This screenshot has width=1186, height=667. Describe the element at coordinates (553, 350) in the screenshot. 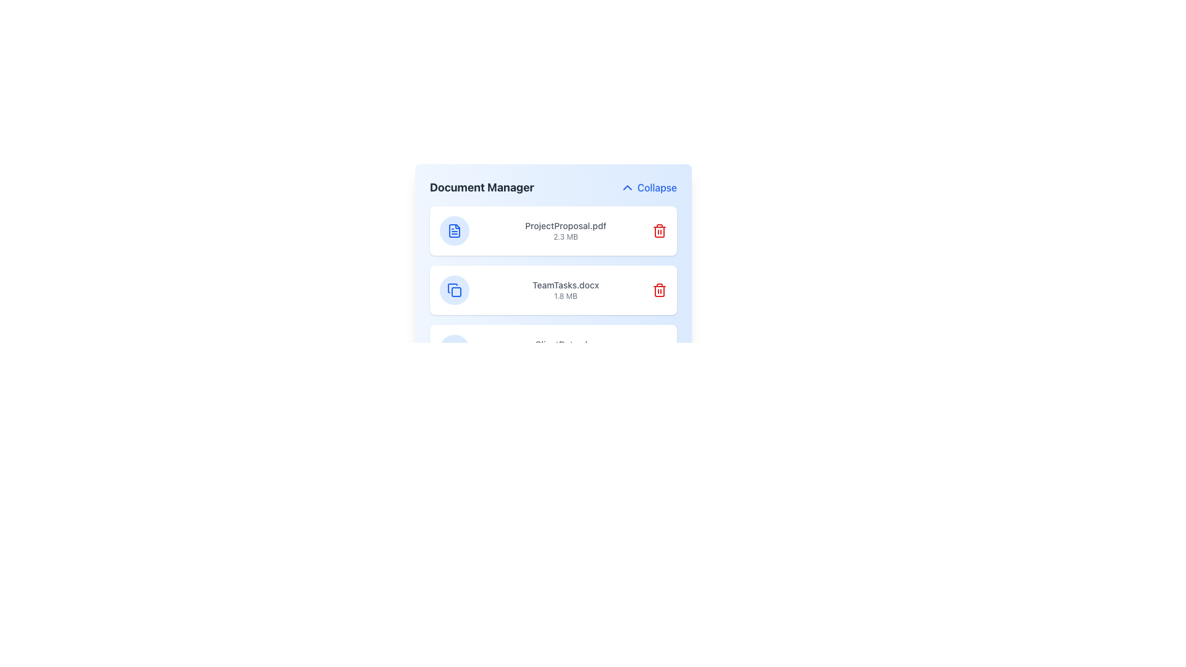

I see `the file entry 'ClientData.xlsx' from the Document Manager` at that location.